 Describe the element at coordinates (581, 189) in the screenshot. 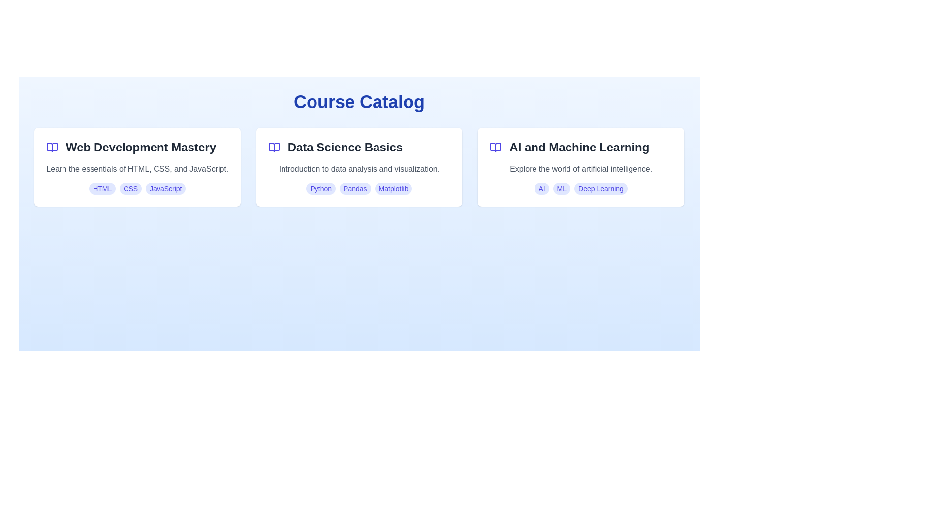

I see `the Tag Group representing key topics or tags associated with the 'AI and Machine Learning' course` at that location.